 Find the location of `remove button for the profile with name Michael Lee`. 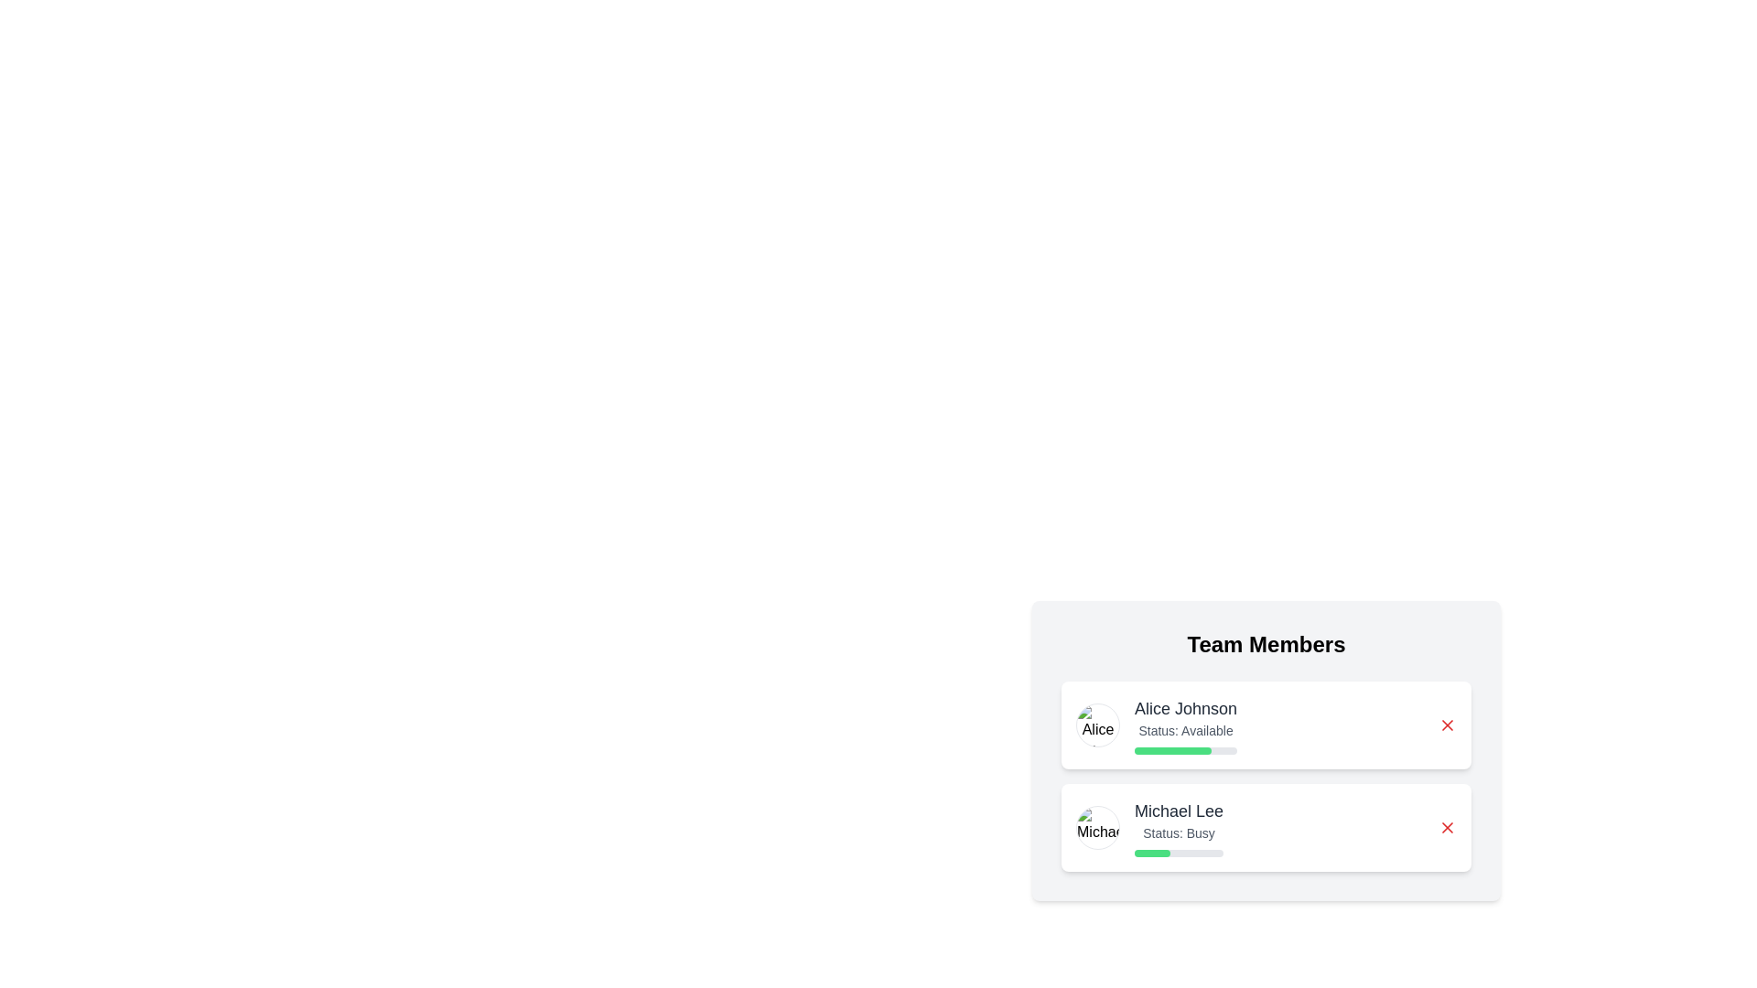

remove button for the profile with name Michael Lee is located at coordinates (1447, 828).